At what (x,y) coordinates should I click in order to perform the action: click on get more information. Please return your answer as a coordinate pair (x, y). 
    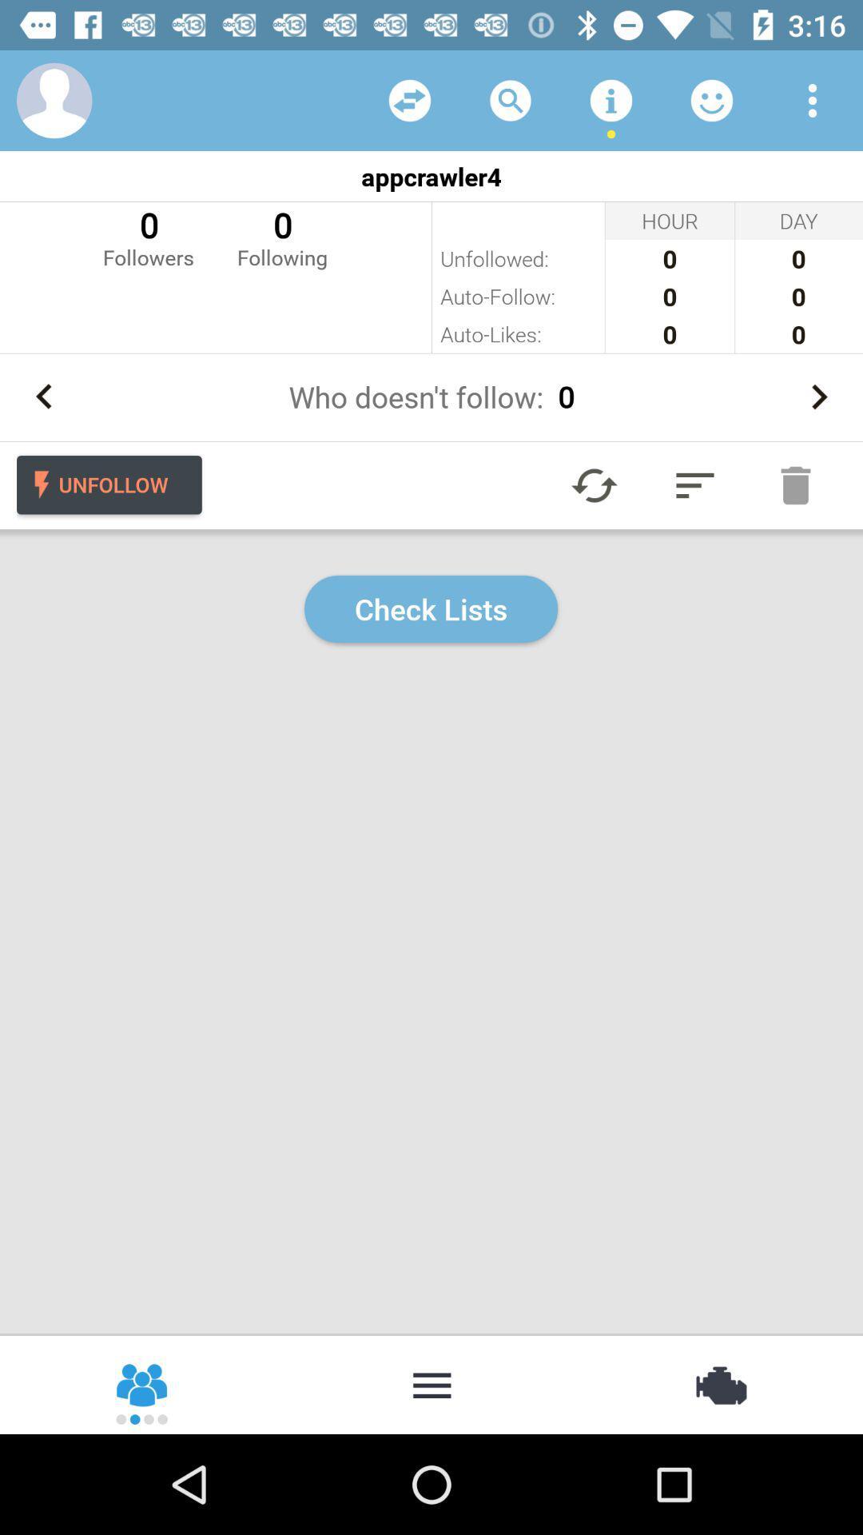
    Looking at the image, I should click on (610, 99).